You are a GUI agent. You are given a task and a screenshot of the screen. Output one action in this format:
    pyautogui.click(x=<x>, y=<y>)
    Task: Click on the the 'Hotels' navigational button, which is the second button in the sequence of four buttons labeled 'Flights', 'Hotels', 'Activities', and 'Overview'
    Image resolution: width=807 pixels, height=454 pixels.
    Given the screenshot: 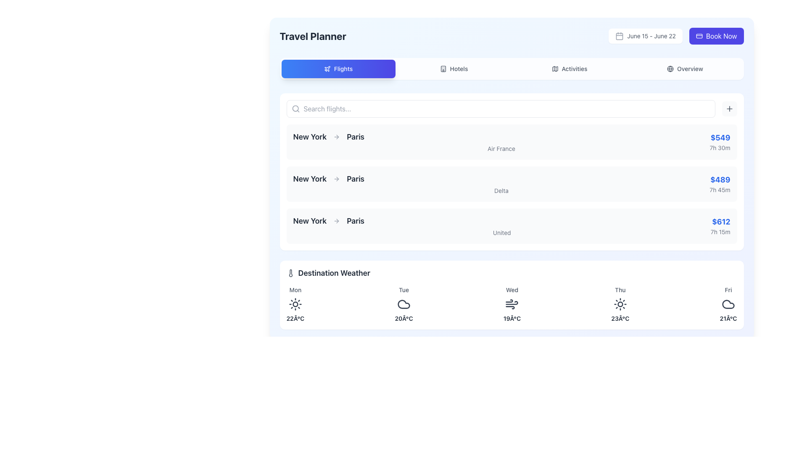 What is the action you would take?
    pyautogui.click(x=454, y=69)
    